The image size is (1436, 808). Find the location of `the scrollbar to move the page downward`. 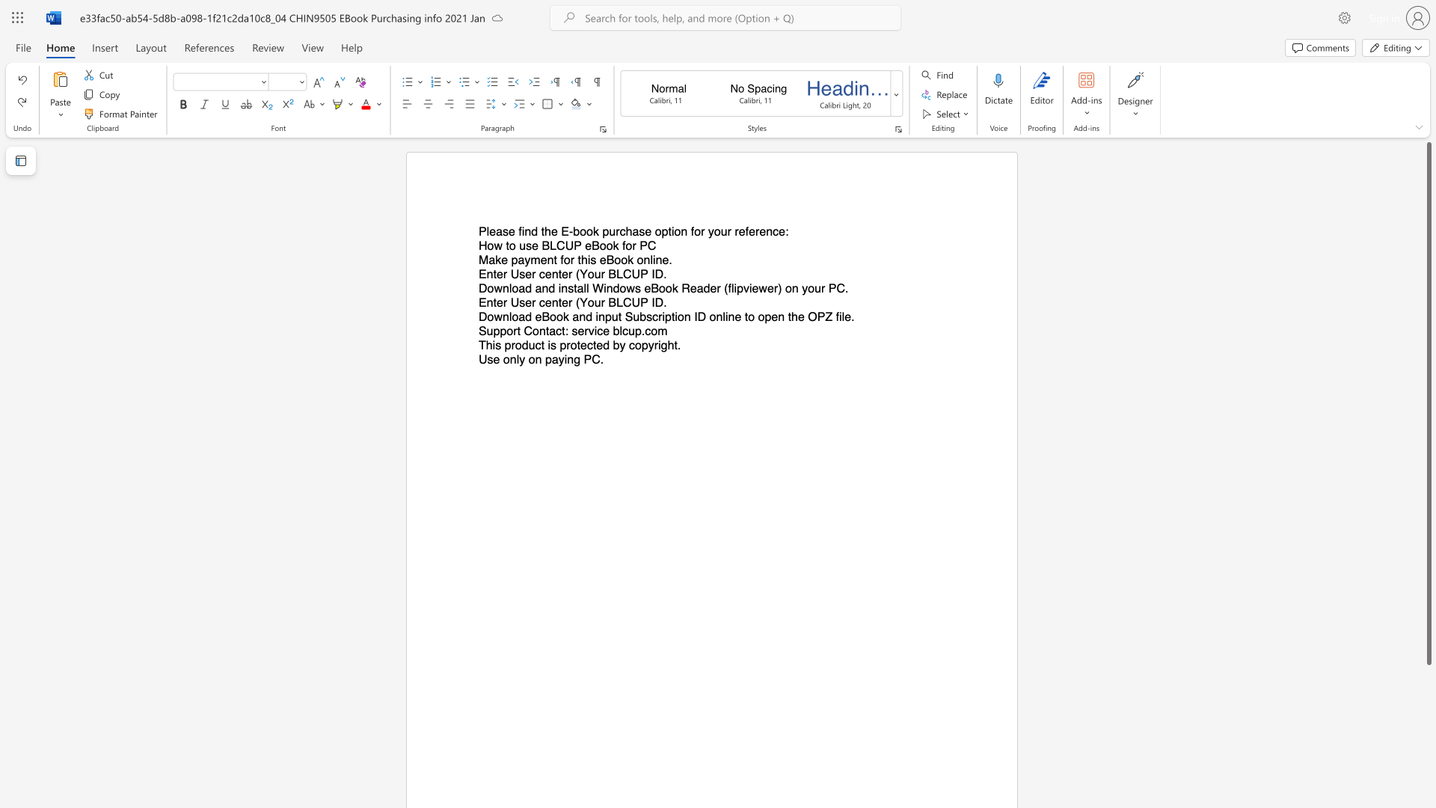

the scrollbar to move the page downward is located at coordinates (1428, 770).